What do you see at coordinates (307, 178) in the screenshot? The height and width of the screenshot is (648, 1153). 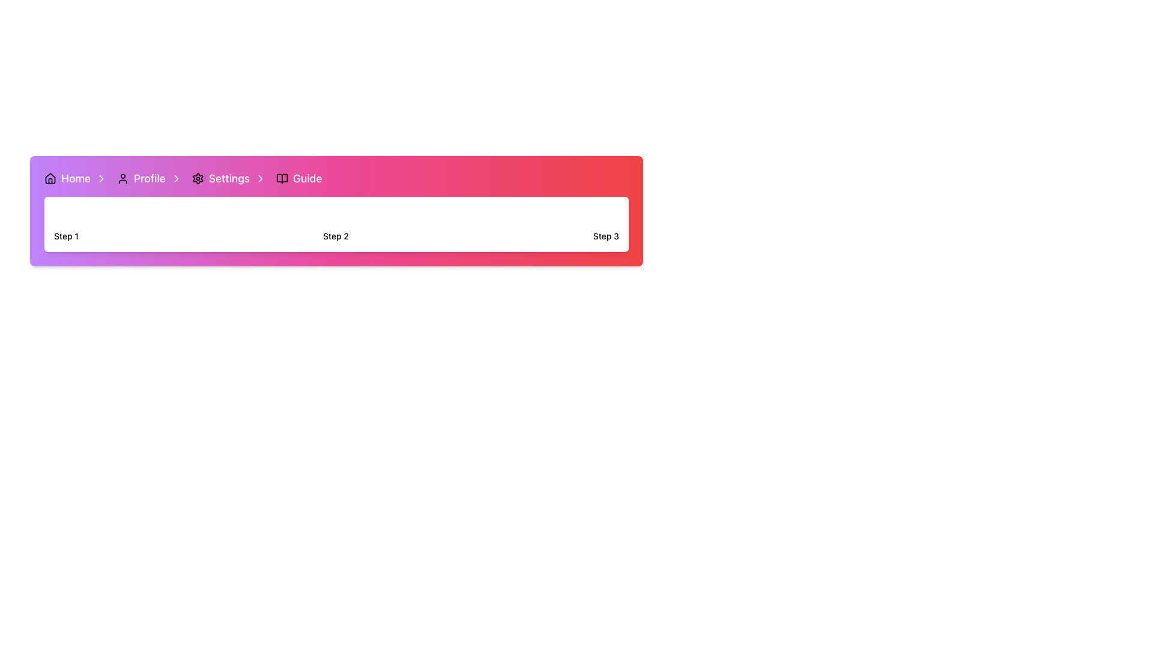 I see `the content of the Text Label located on the right side of the navigation bar, next to an open book icon` at bounding box center [307, 178].